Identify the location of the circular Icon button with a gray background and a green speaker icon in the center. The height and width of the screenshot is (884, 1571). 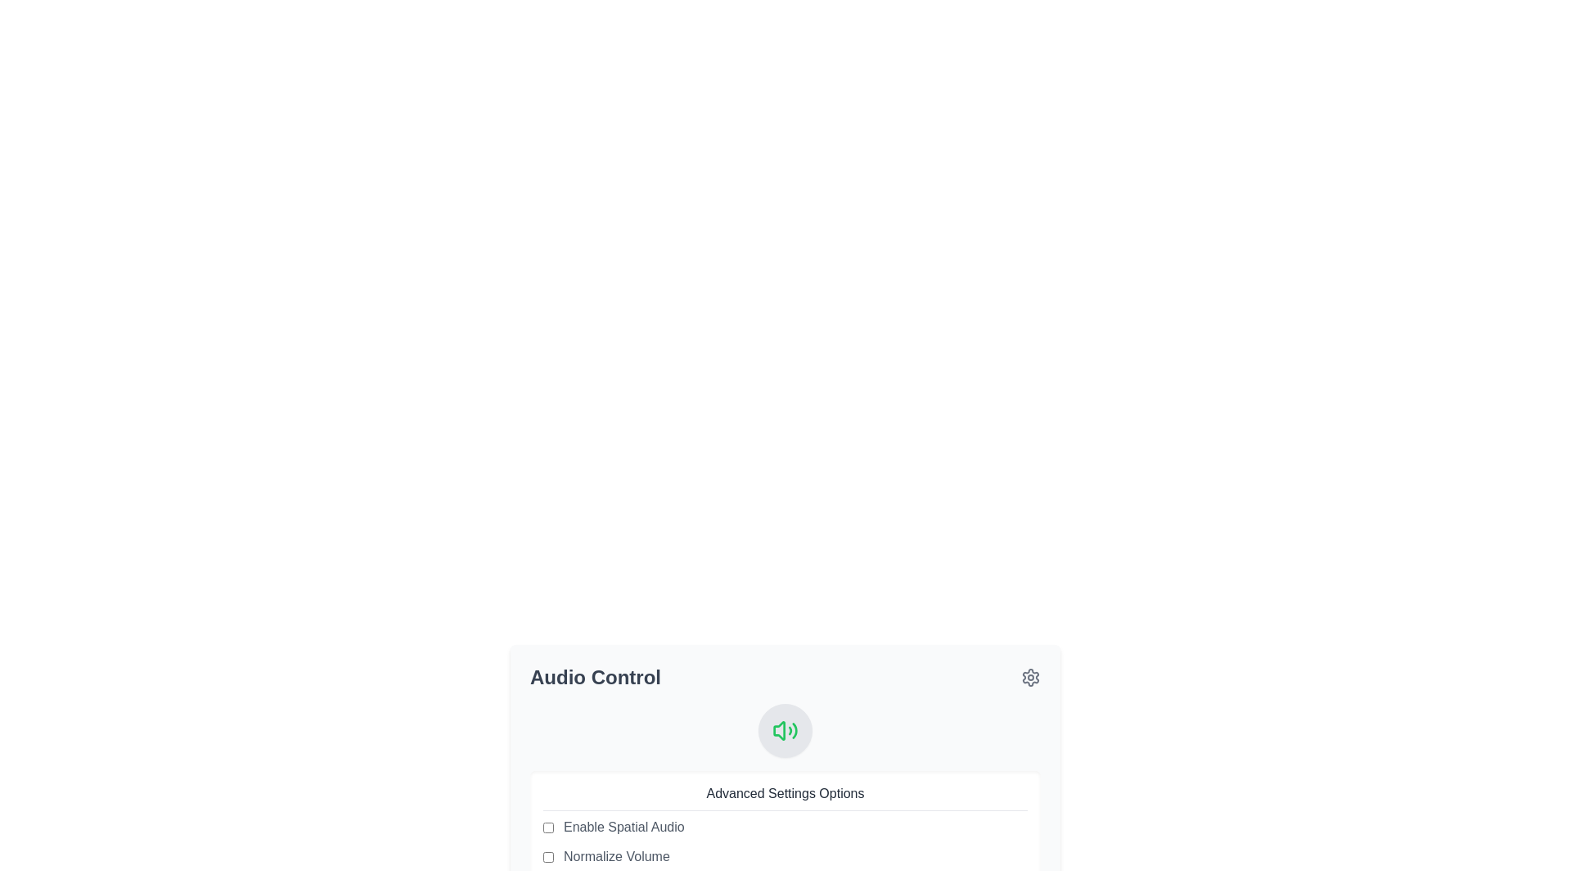
(785, 730).